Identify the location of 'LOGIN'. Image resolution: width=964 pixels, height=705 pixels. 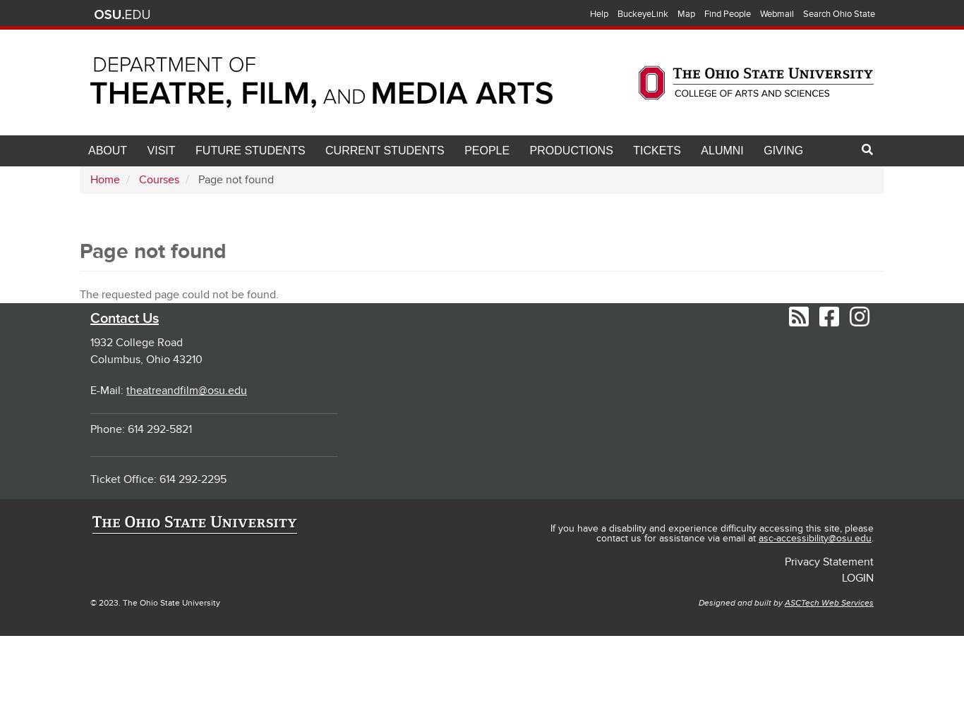
(842, 577).